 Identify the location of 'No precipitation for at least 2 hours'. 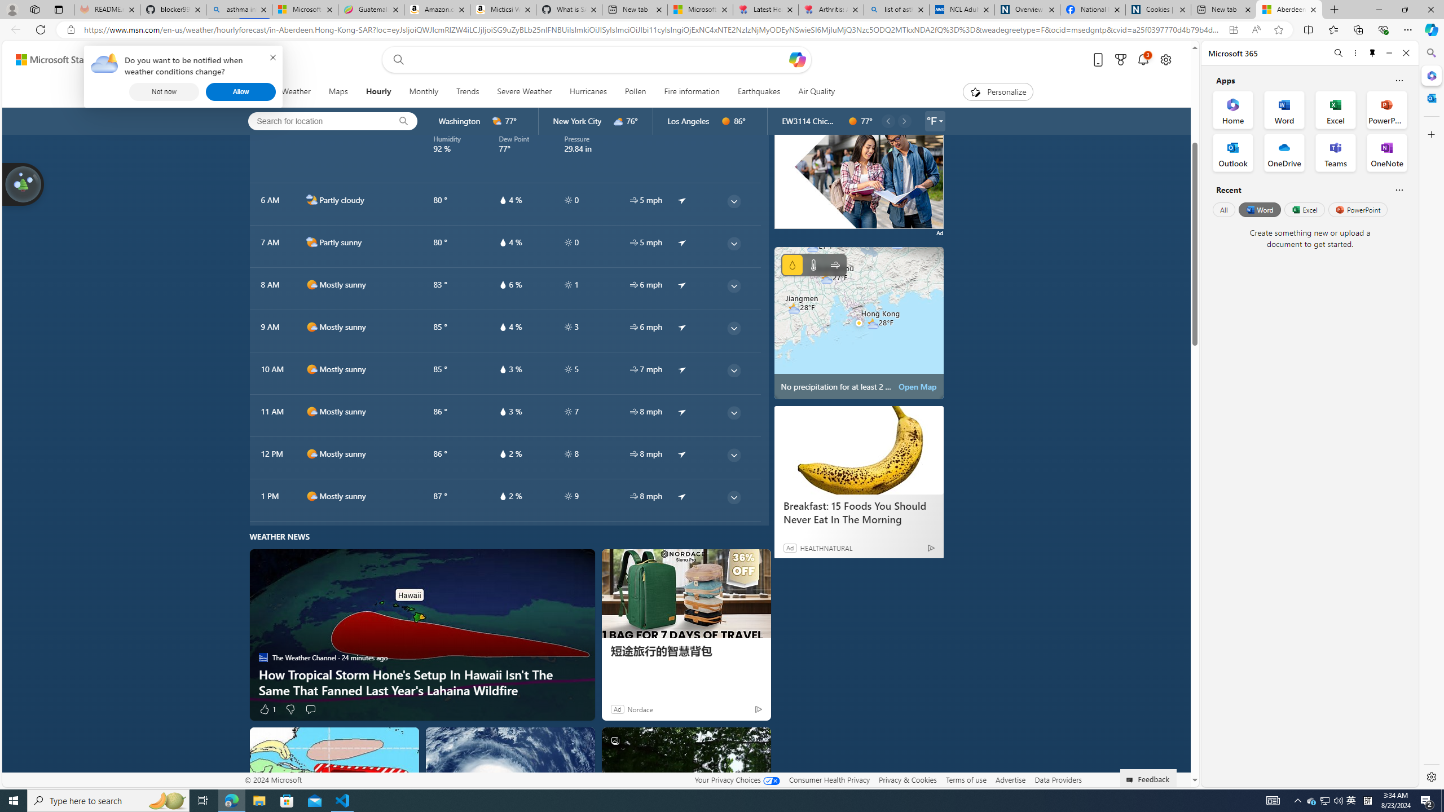
(859, 323).